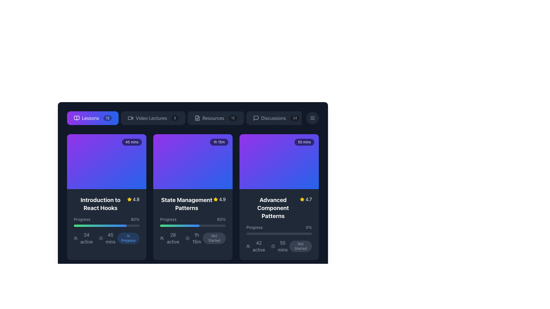 This screenshot has height=309, width=550. Describe the element at coordinates (187, 238) in the screenshot. I see `the circular outline element of the clock icon that is situated next to the text '1h 15m' for the 'State Management Patterns' module` at that location.